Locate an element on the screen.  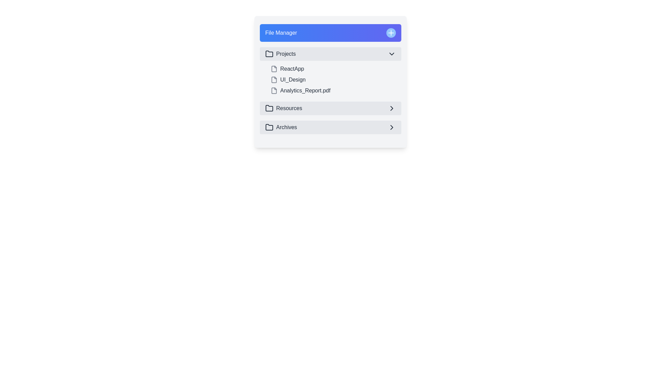
the add new files or folders button located at the top-right corner of the 'File Manager' header bar is located at coordinates (391, 33).